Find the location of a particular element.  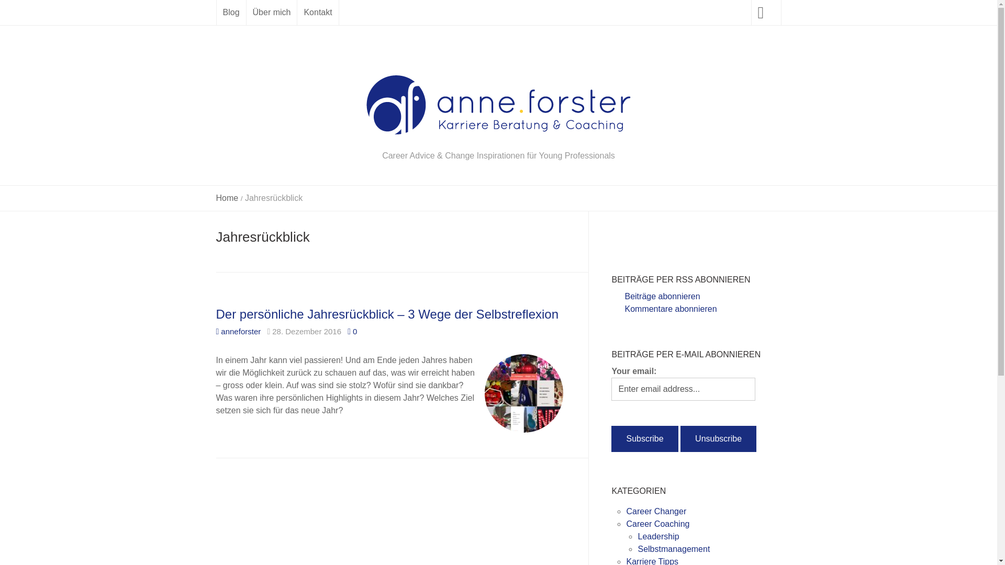

'Career Coaching' is located at coordinates (657, 524).